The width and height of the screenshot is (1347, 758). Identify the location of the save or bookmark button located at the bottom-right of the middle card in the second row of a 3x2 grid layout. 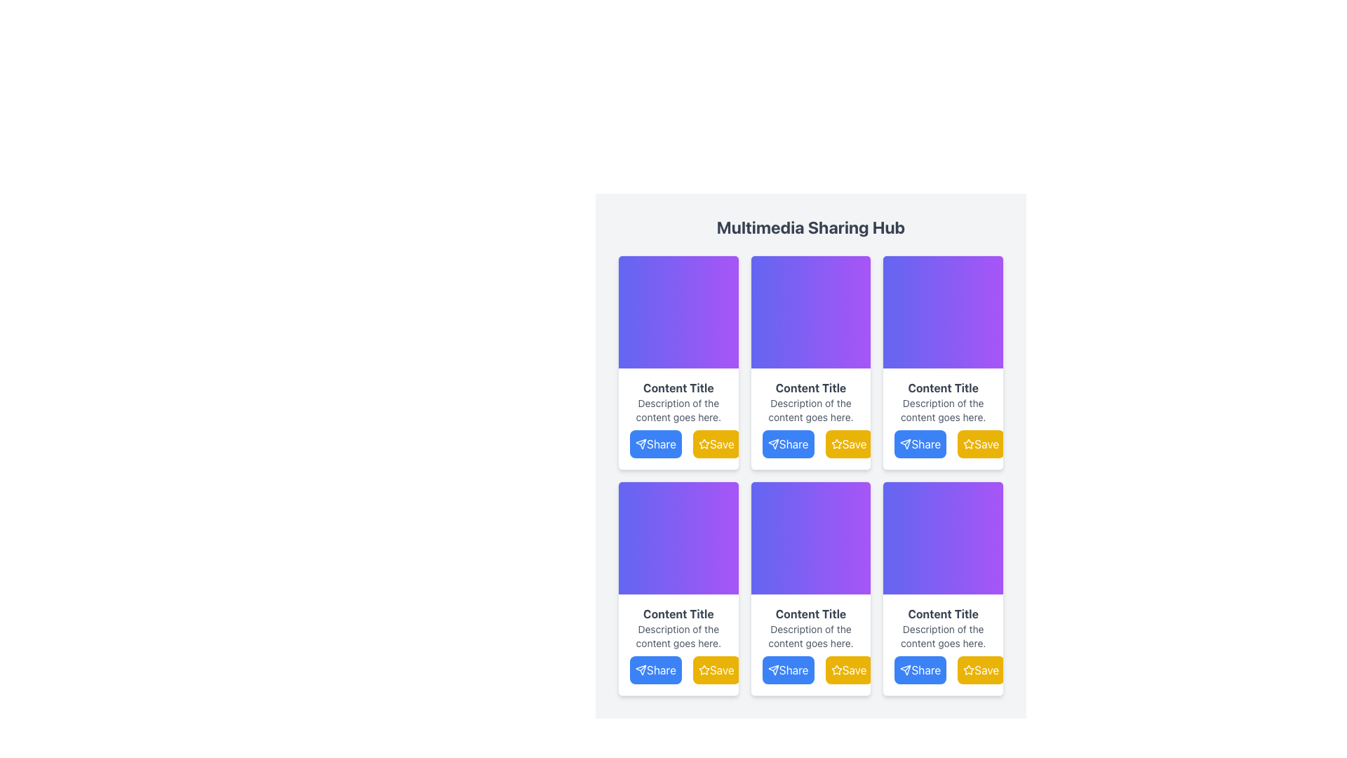
(847, 670).